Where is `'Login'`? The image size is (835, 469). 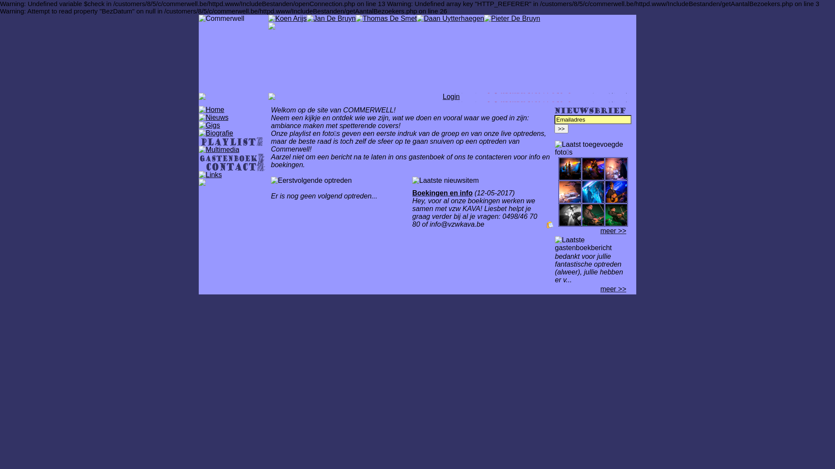
'Login' is located at coordinates (451, 96).